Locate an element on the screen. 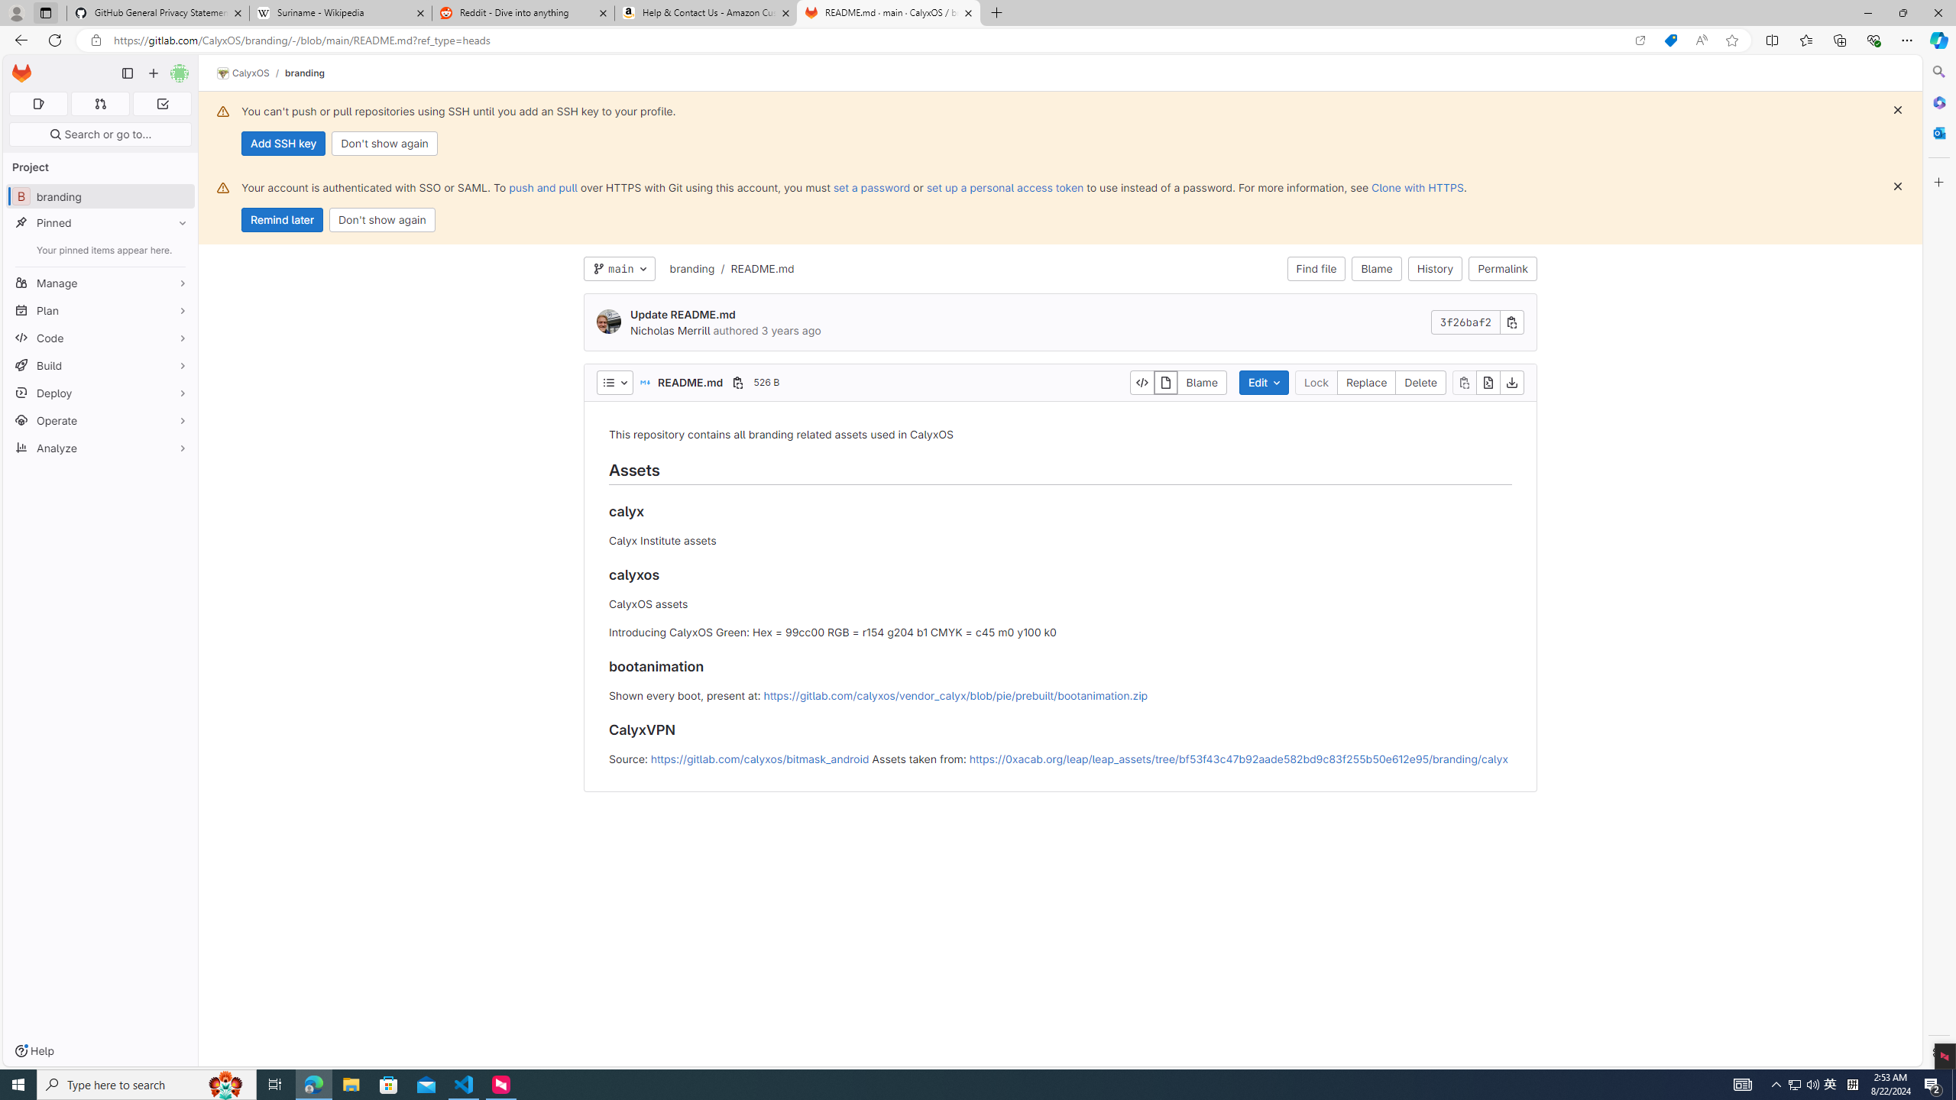  'Find file' is located at coordinates (1315, 269).